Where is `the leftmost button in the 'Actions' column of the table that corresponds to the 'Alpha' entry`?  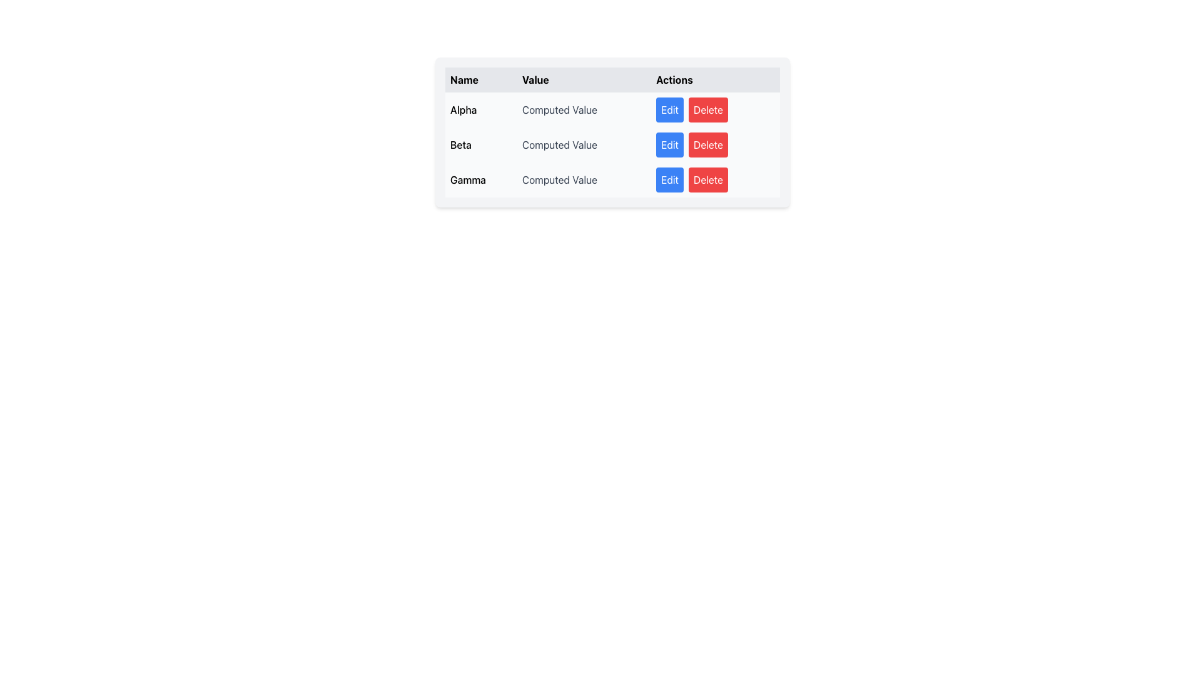
the leftmost button in the 'Actions' column of the table that corresponds to the 'Alpha' entry is located at coordinates (669, 109).